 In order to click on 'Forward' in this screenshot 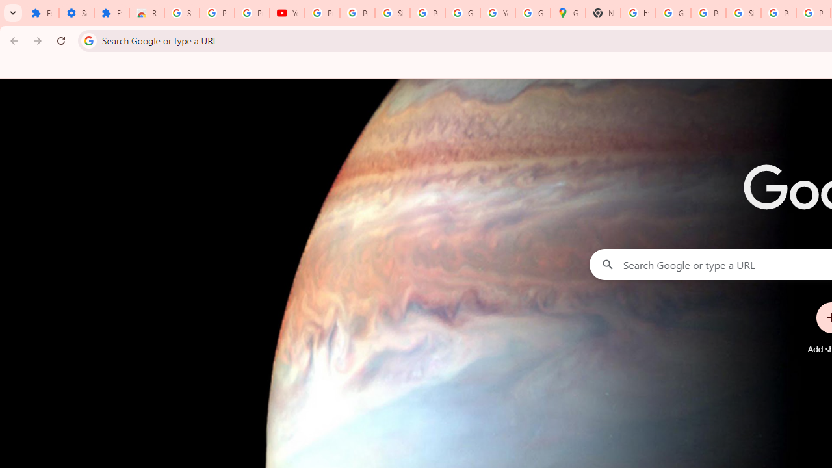, I will do `click(38, 40)`.